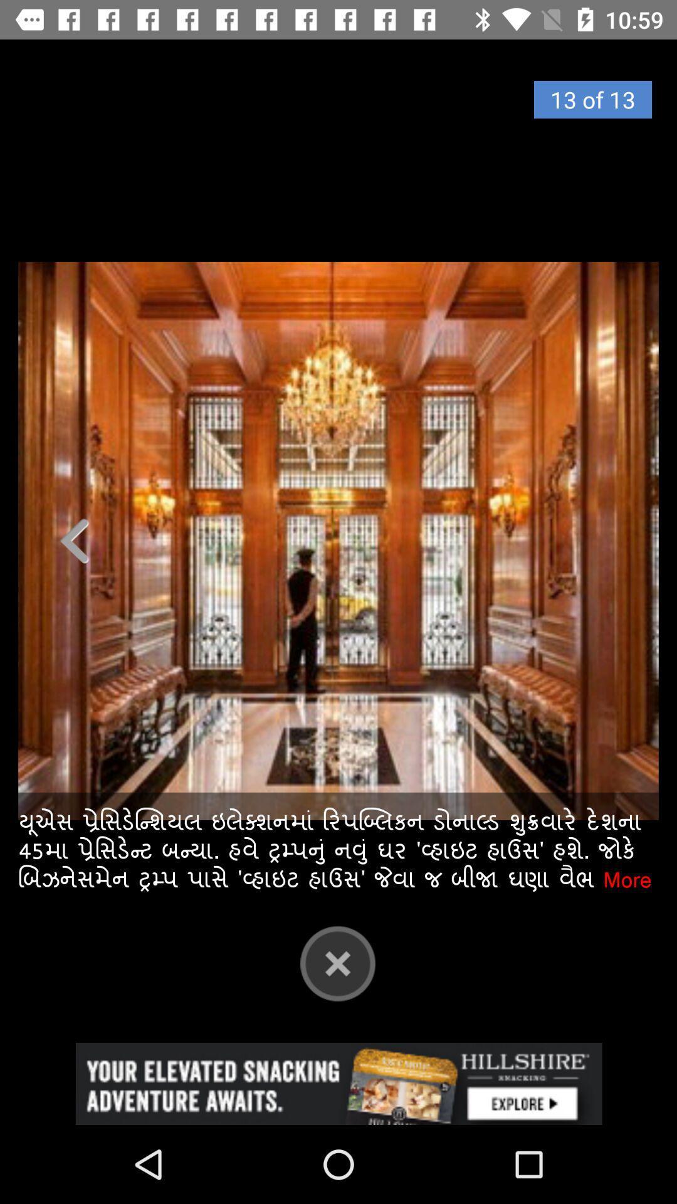 The width and height of the screenshot is (677, 1204). I want to click on exit out, so click(338, 541).